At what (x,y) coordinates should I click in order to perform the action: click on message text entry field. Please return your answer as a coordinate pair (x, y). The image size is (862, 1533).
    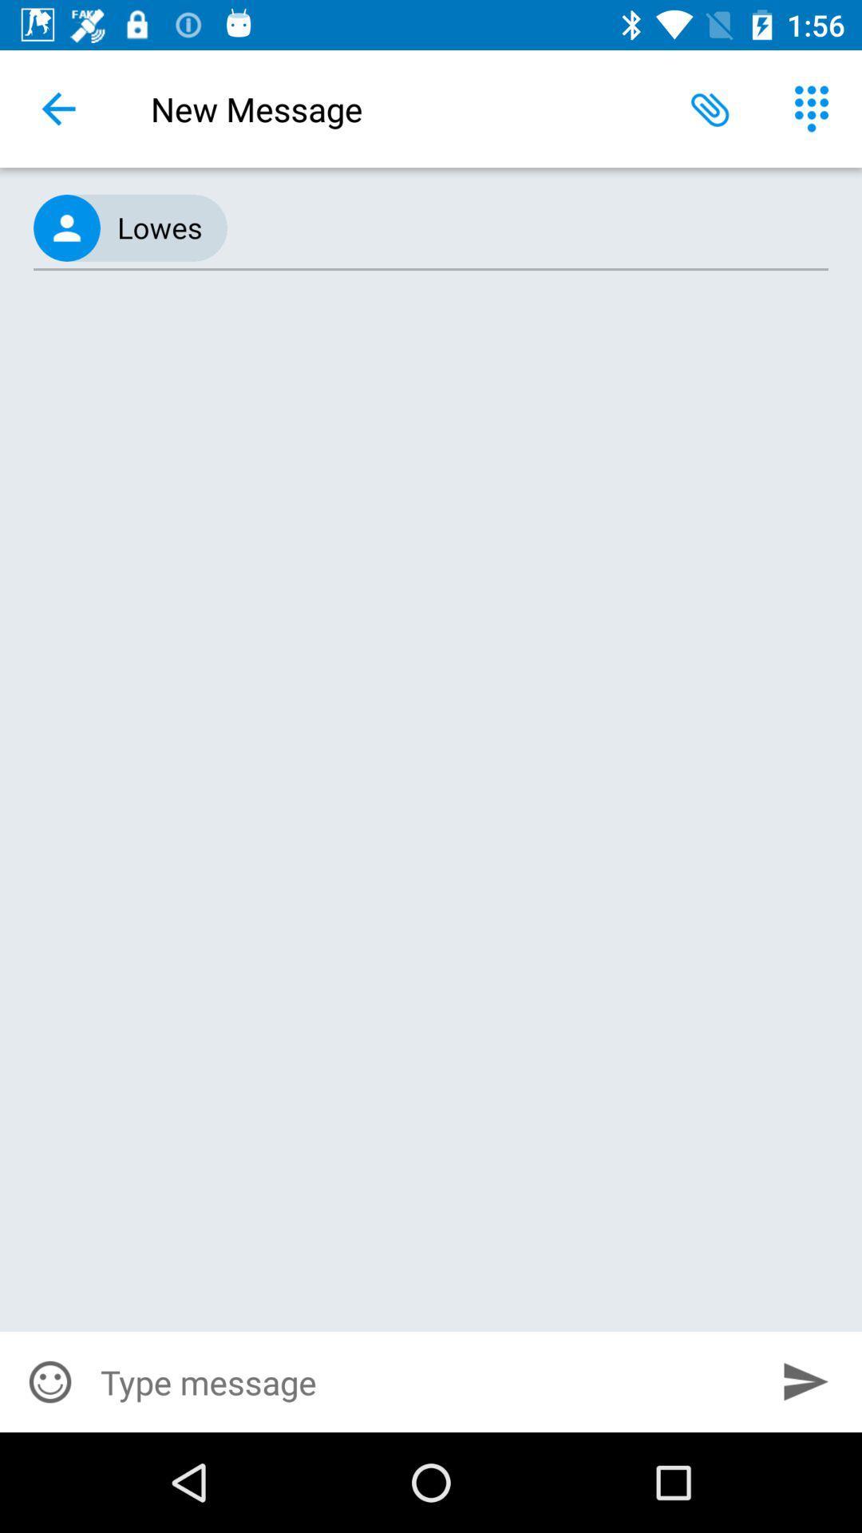
    Looking at the image, I should click on (425, 1381).